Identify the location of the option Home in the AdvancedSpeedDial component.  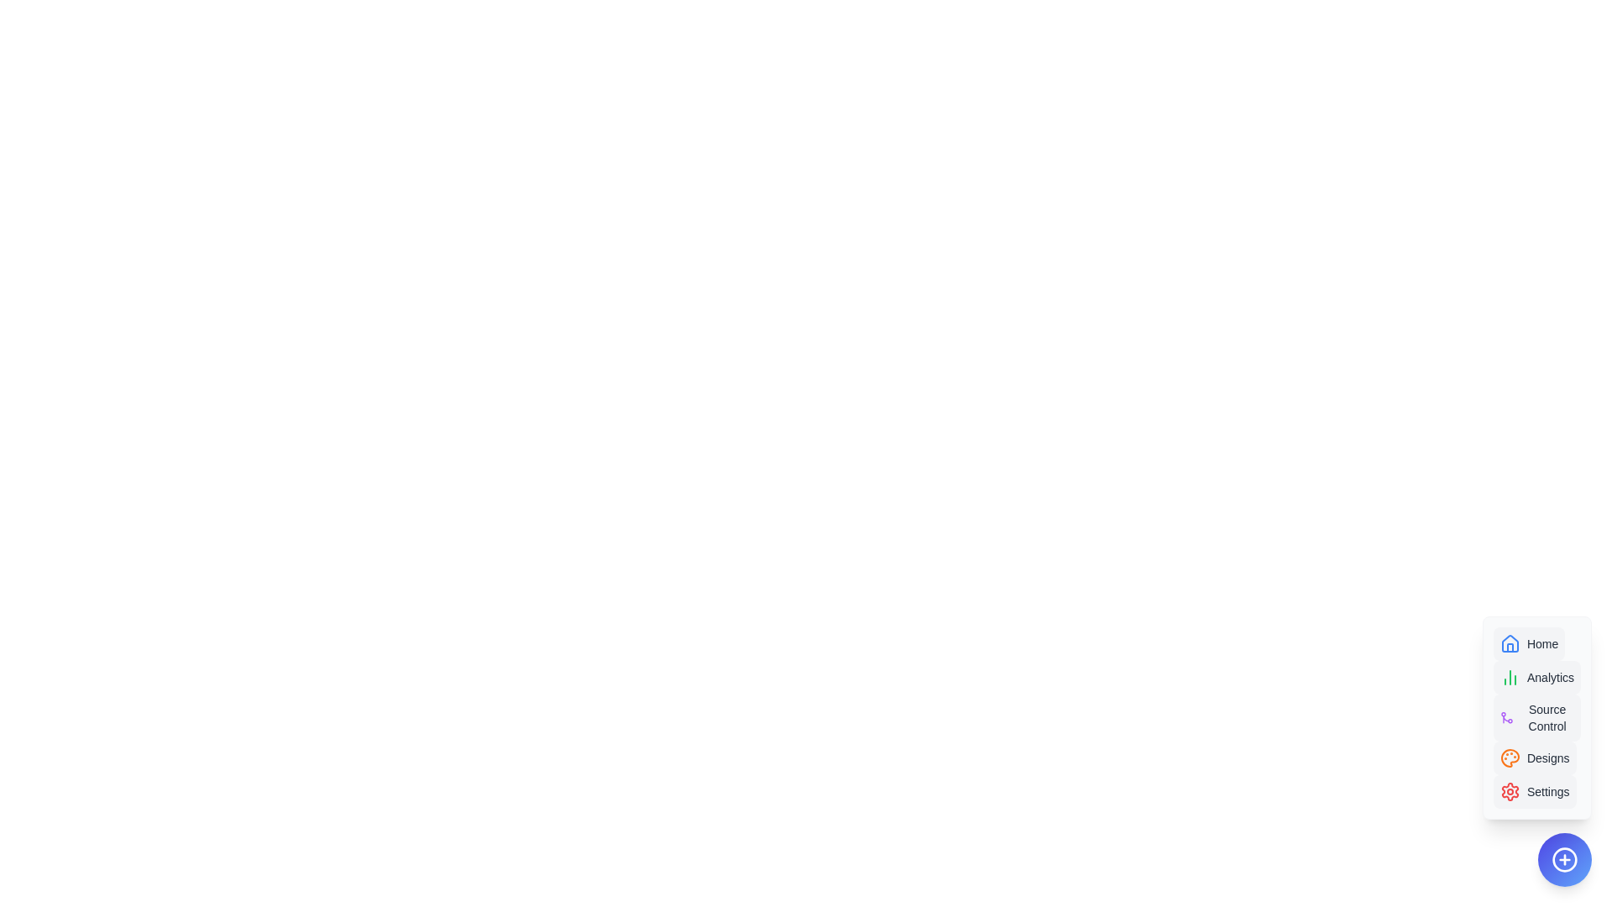
(1529, 643).